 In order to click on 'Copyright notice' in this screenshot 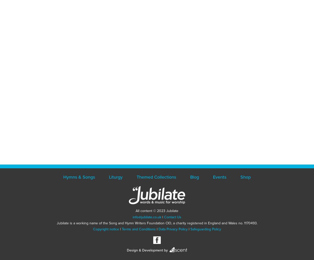, I will do `click(106, 229)`.